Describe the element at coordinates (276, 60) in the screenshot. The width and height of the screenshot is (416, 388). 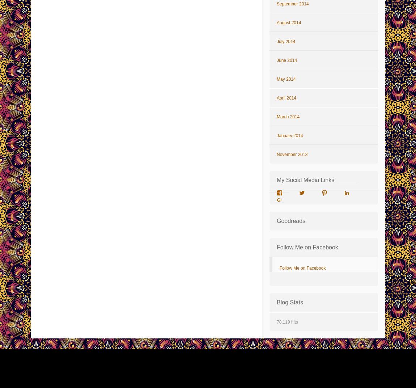
I see `'June 2014'` at that location.